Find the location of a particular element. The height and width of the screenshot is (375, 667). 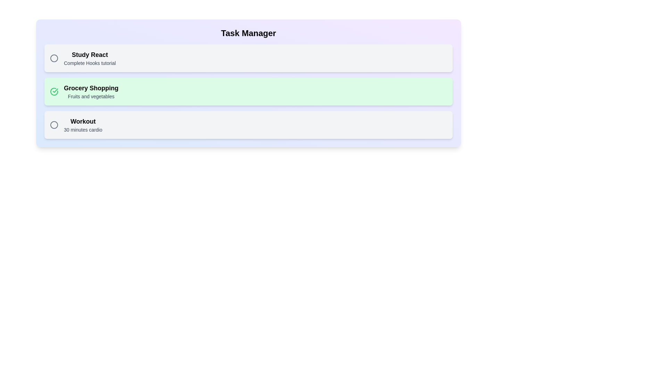

the icon component that visually indicates the task state or type, located to the left of the 'Study React' task item in the task list is located at coordinates (54, 58).